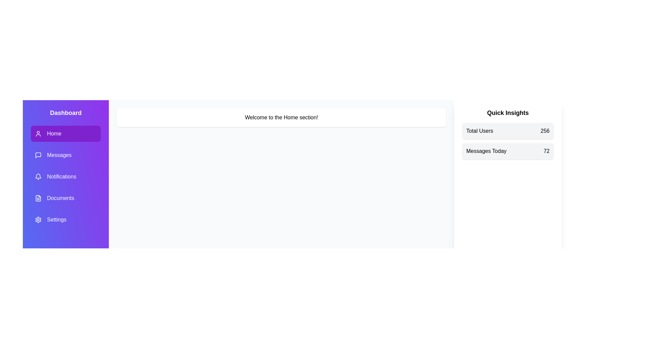 This screenshot has height=363, width=645. Describe the element at coordinates (508, 141) in the screenshot. I see `the Display component in the 'Quick Insights' section, which shows 'Total Users' with '256' and 'Messages Today' with '72', styled with a light background and rounded corners` at that location.